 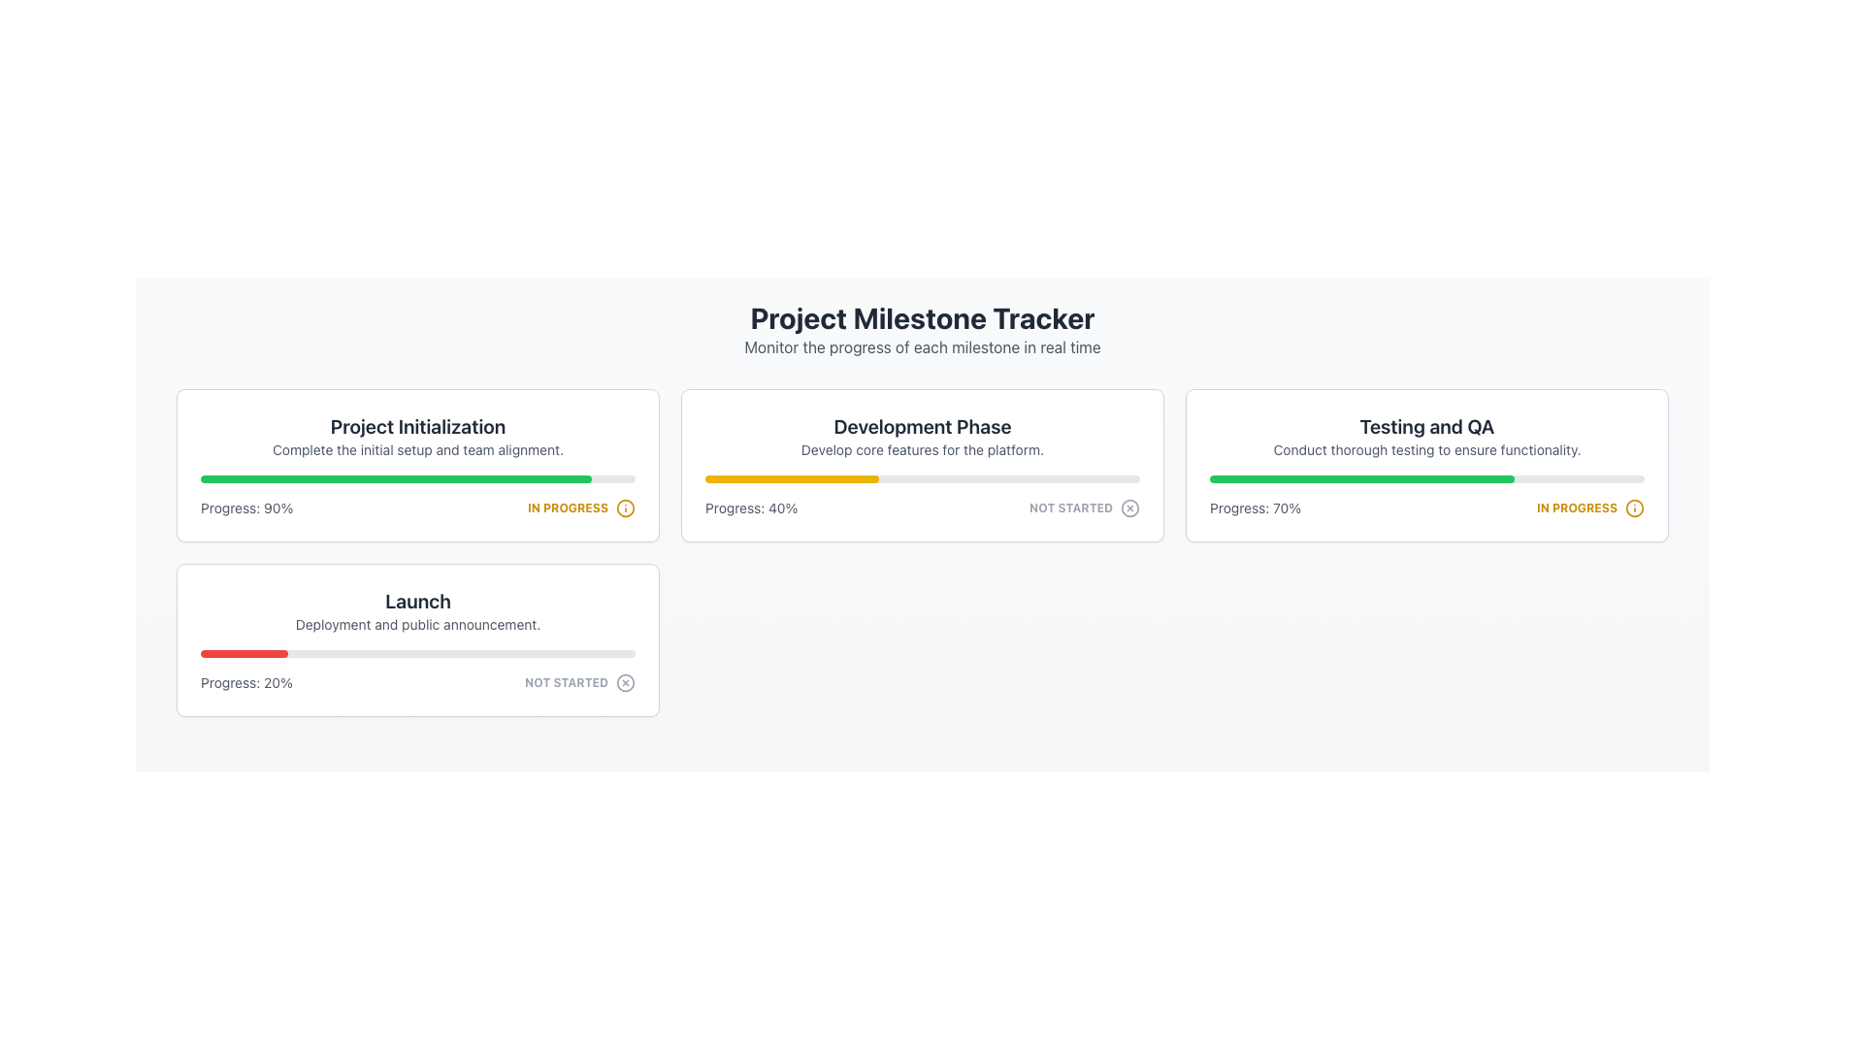 What do you see at coordinates (921, 346) in the screenshot?
I see `the static text that reads 'Monitor the progress of each milestone in real time.', which is located below the 'Project Milestone Tracker' title` at bounding box center [921, 346].